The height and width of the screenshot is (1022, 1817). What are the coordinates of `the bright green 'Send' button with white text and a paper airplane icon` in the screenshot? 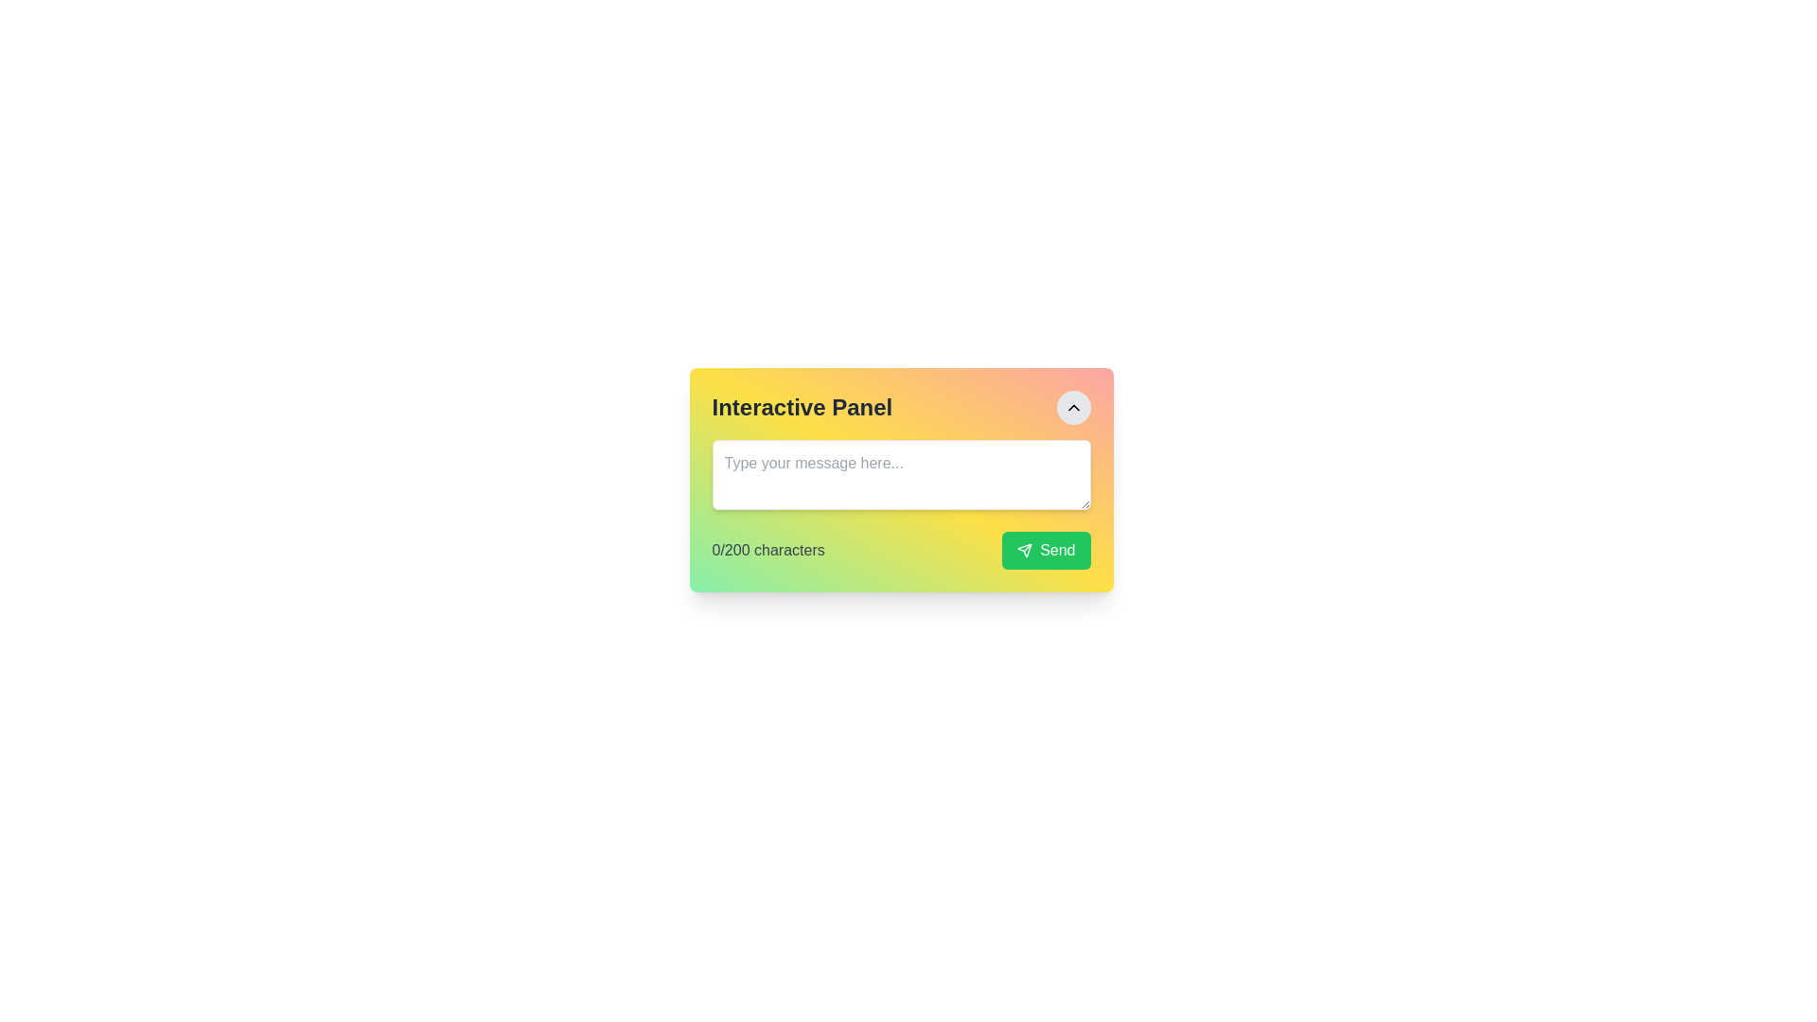 It's located at (1045, 551).